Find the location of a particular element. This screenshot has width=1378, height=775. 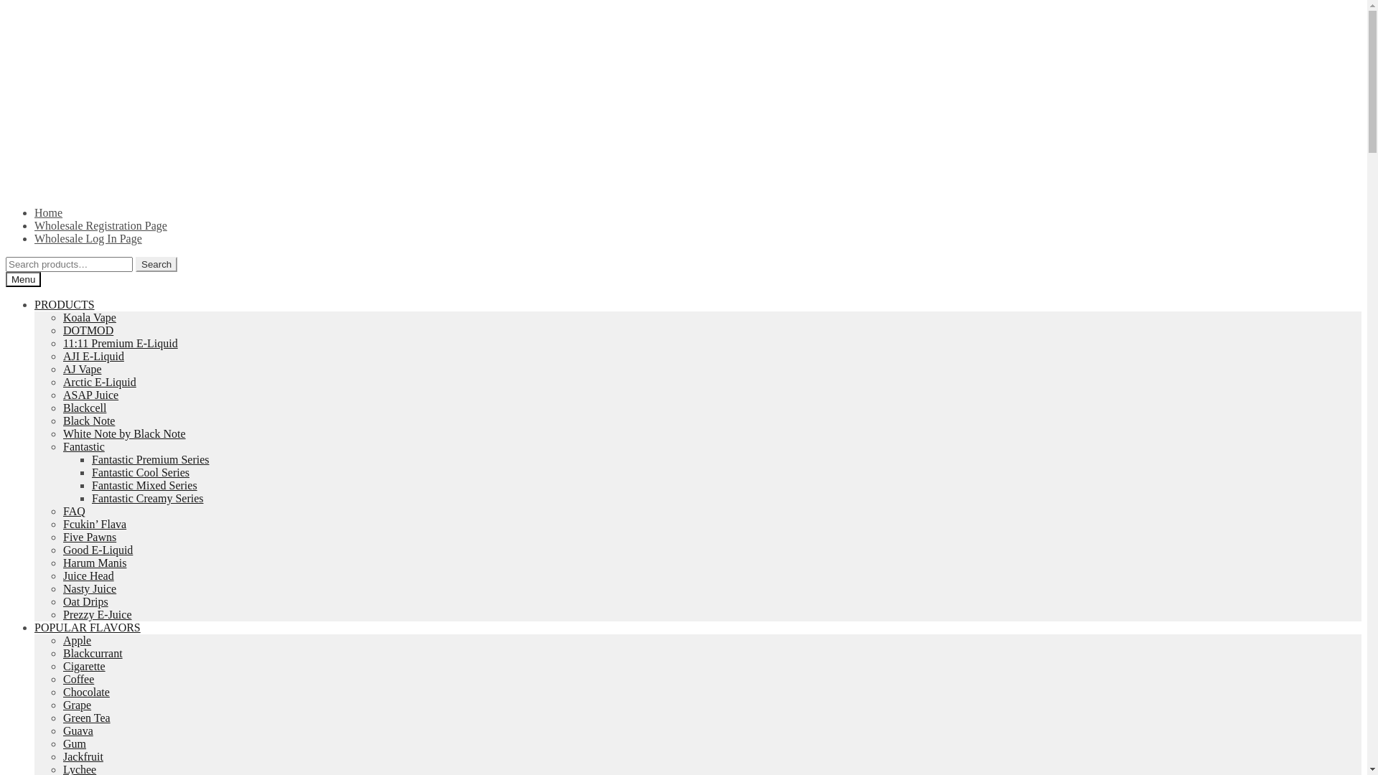

'Guava' is located at coordinates (62, 731).